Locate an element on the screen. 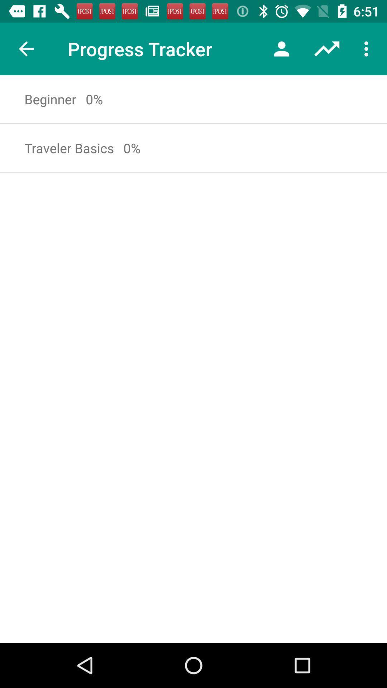  item next to the progress tracker icon is located at coordinates (281, 48).